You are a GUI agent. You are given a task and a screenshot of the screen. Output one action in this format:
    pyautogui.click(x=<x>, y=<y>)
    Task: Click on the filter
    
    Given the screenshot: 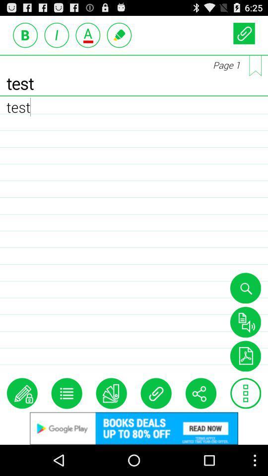 What is the action you would take?
    pyautogui.click(x=245, y=356)
    